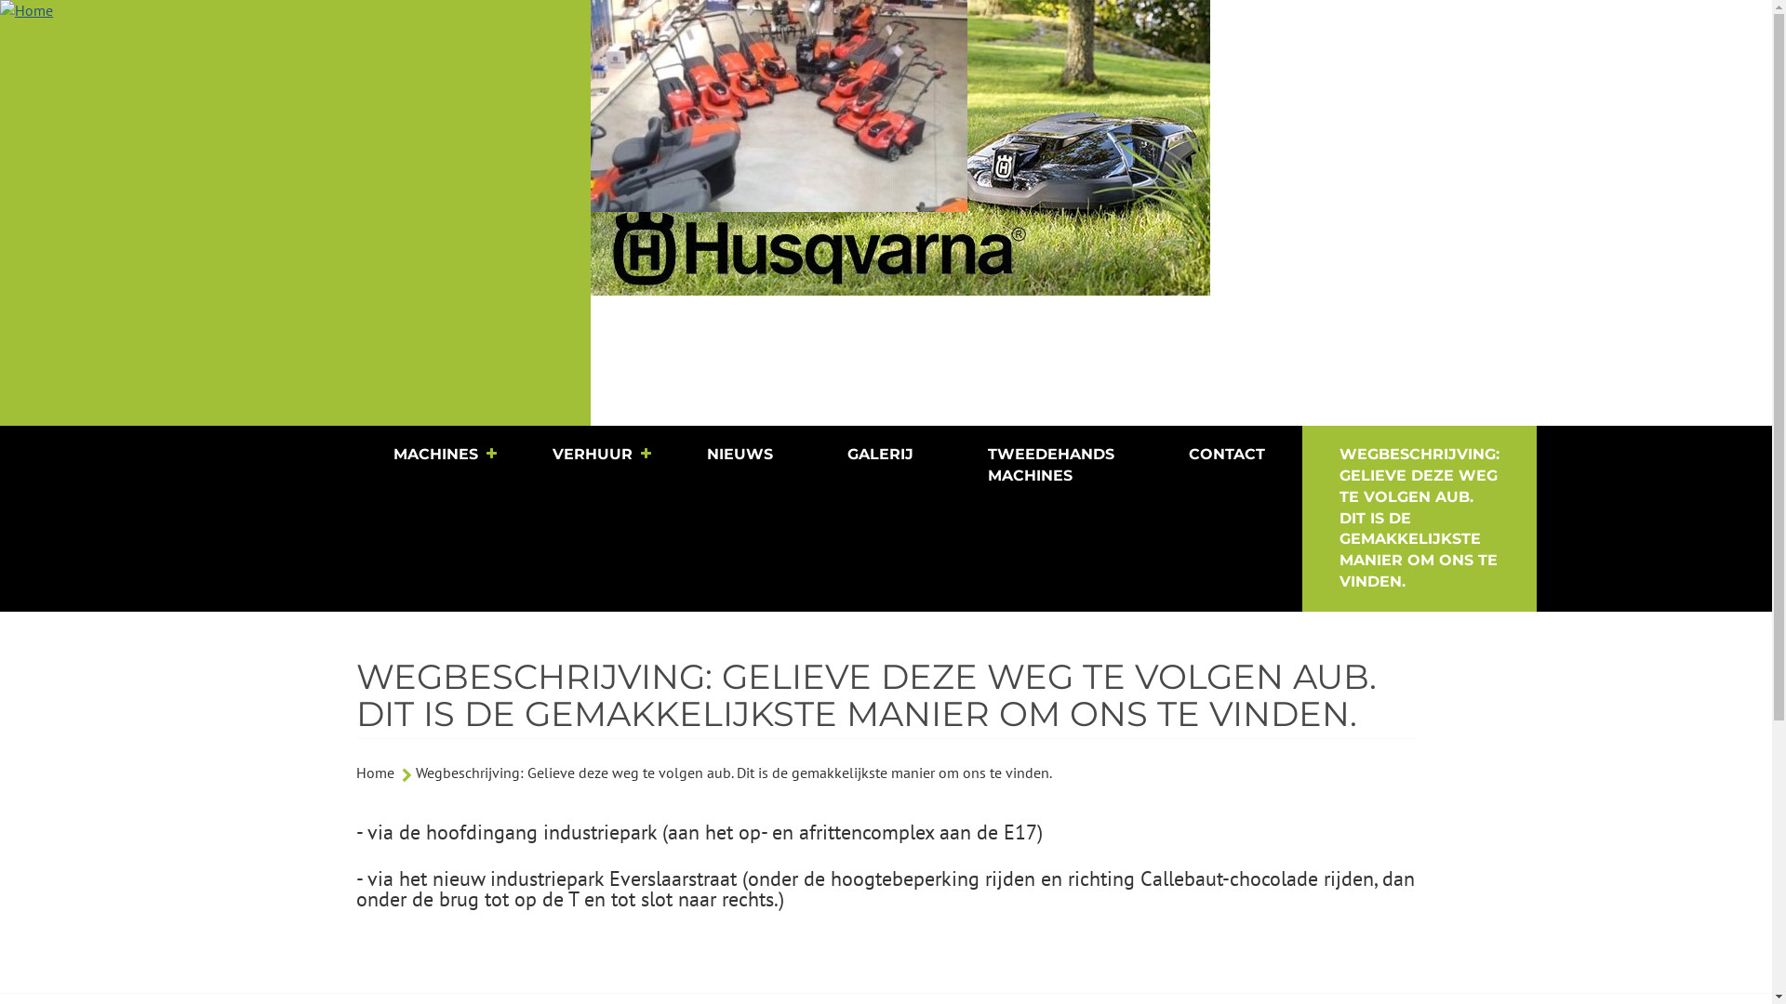 The width and height of the screenshot is (1786, 1004). Describe the element at coordinates (514, 455) in the screenshot. I see `'VERHUUR'` at that location.